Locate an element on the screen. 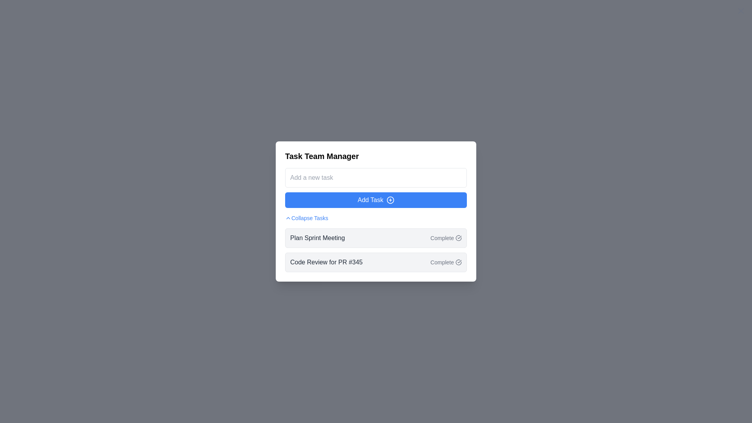  the button with text and icon located to the right of the 'Plan Sprint Meeting' text to mark a task as complete is located at coordinates (446, 238).